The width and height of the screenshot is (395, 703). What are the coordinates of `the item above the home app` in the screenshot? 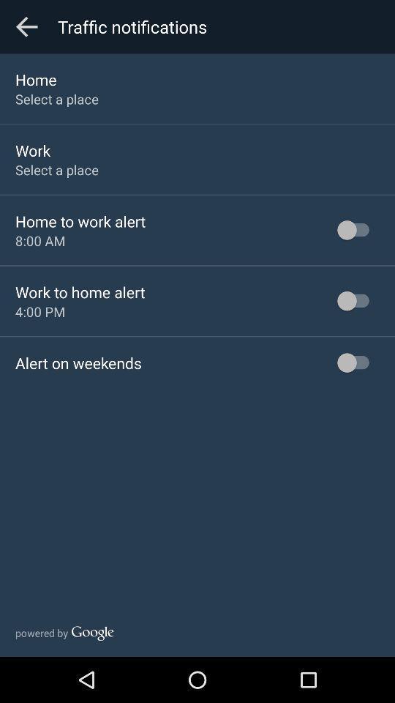 It's located at (26, 26).